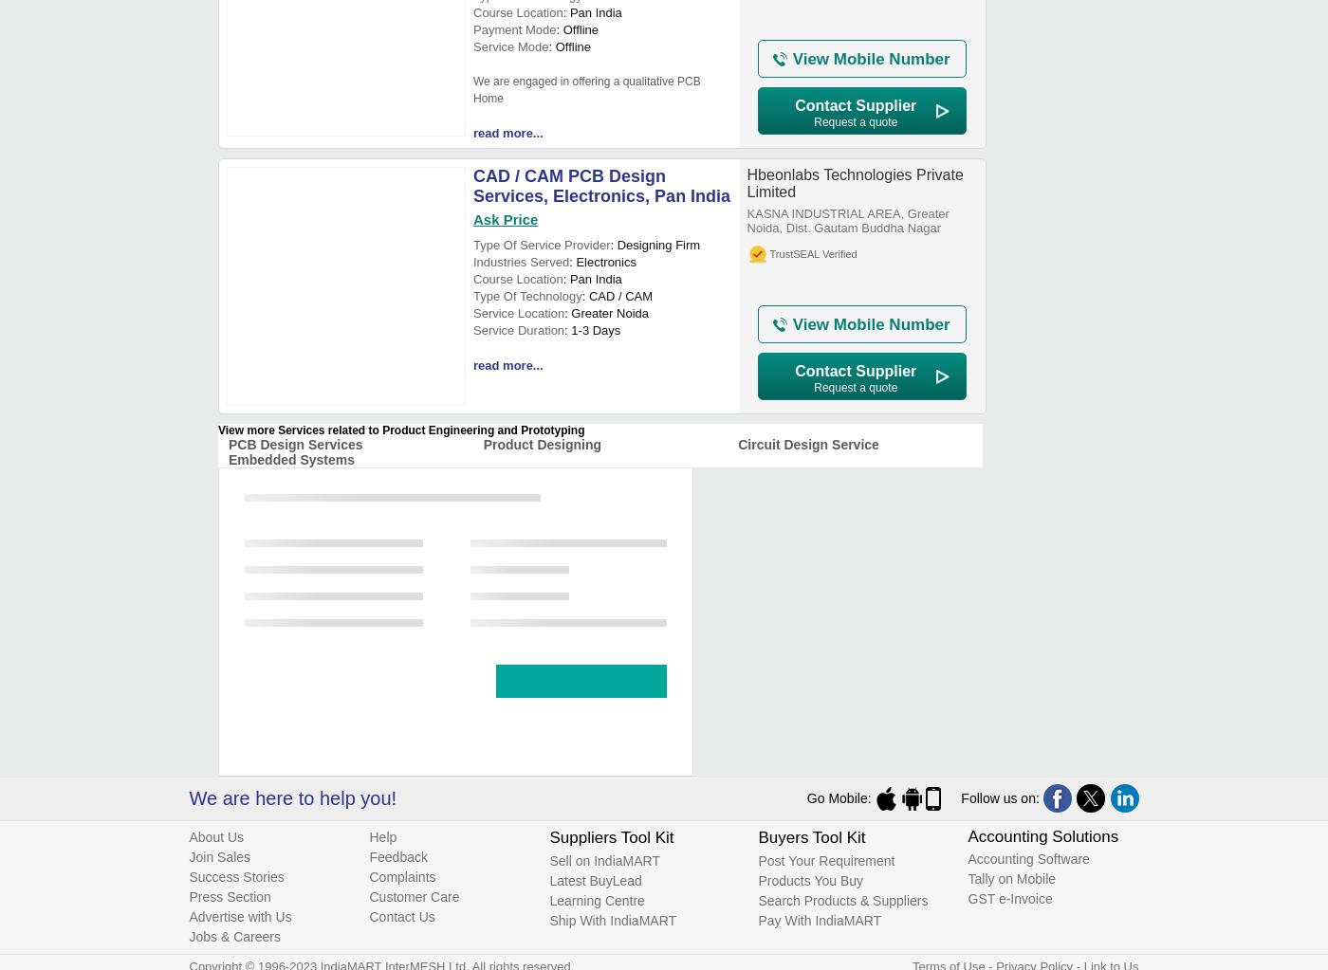 Image resolution: width=1328 pixels, height=970 pixels. I want to click on ':  1-3 Days', so click(564, 330).